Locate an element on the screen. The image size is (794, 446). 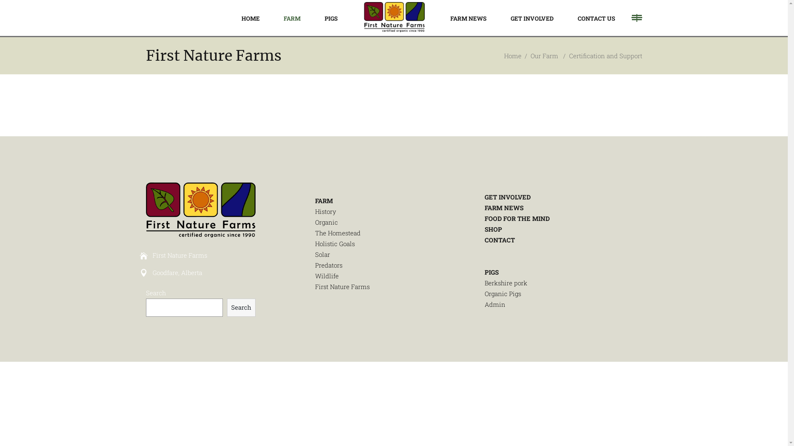
'SHOP' is located at coordinates (493, 229).